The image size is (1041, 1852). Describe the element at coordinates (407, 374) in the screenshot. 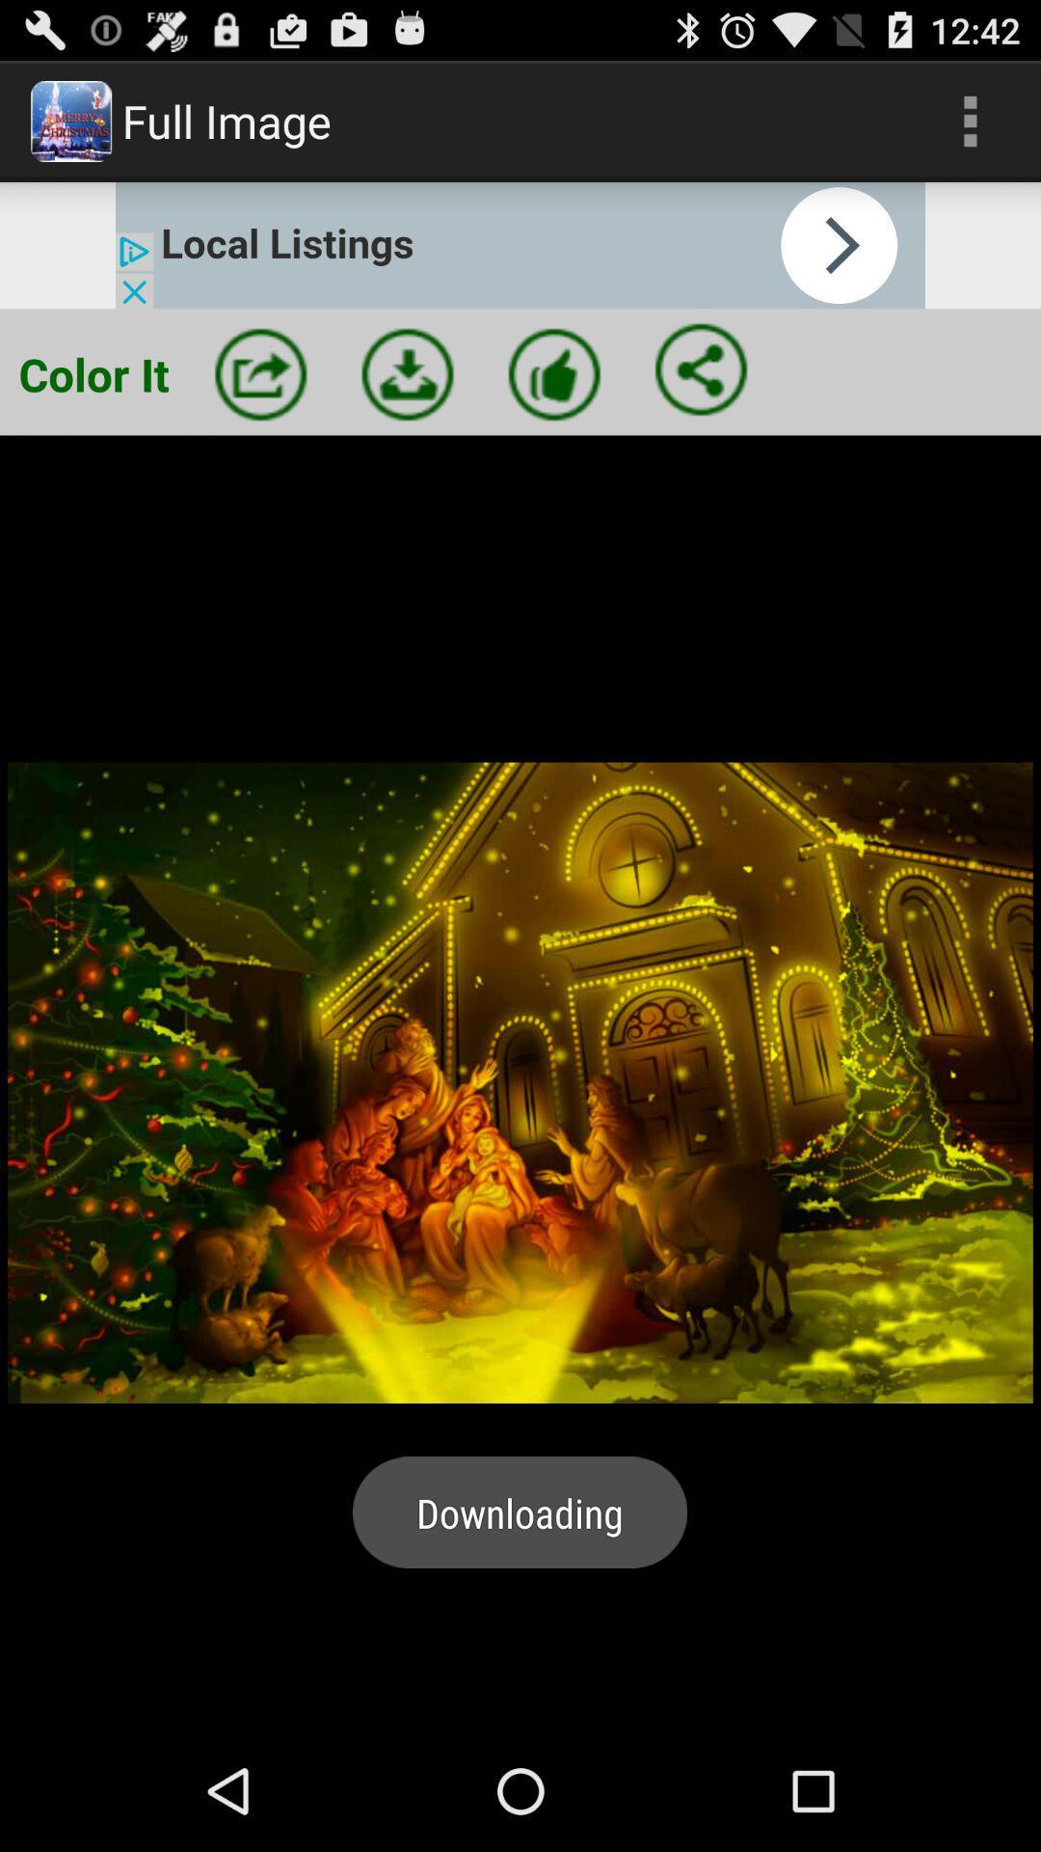

I see `hit button with down arrow` at that location.